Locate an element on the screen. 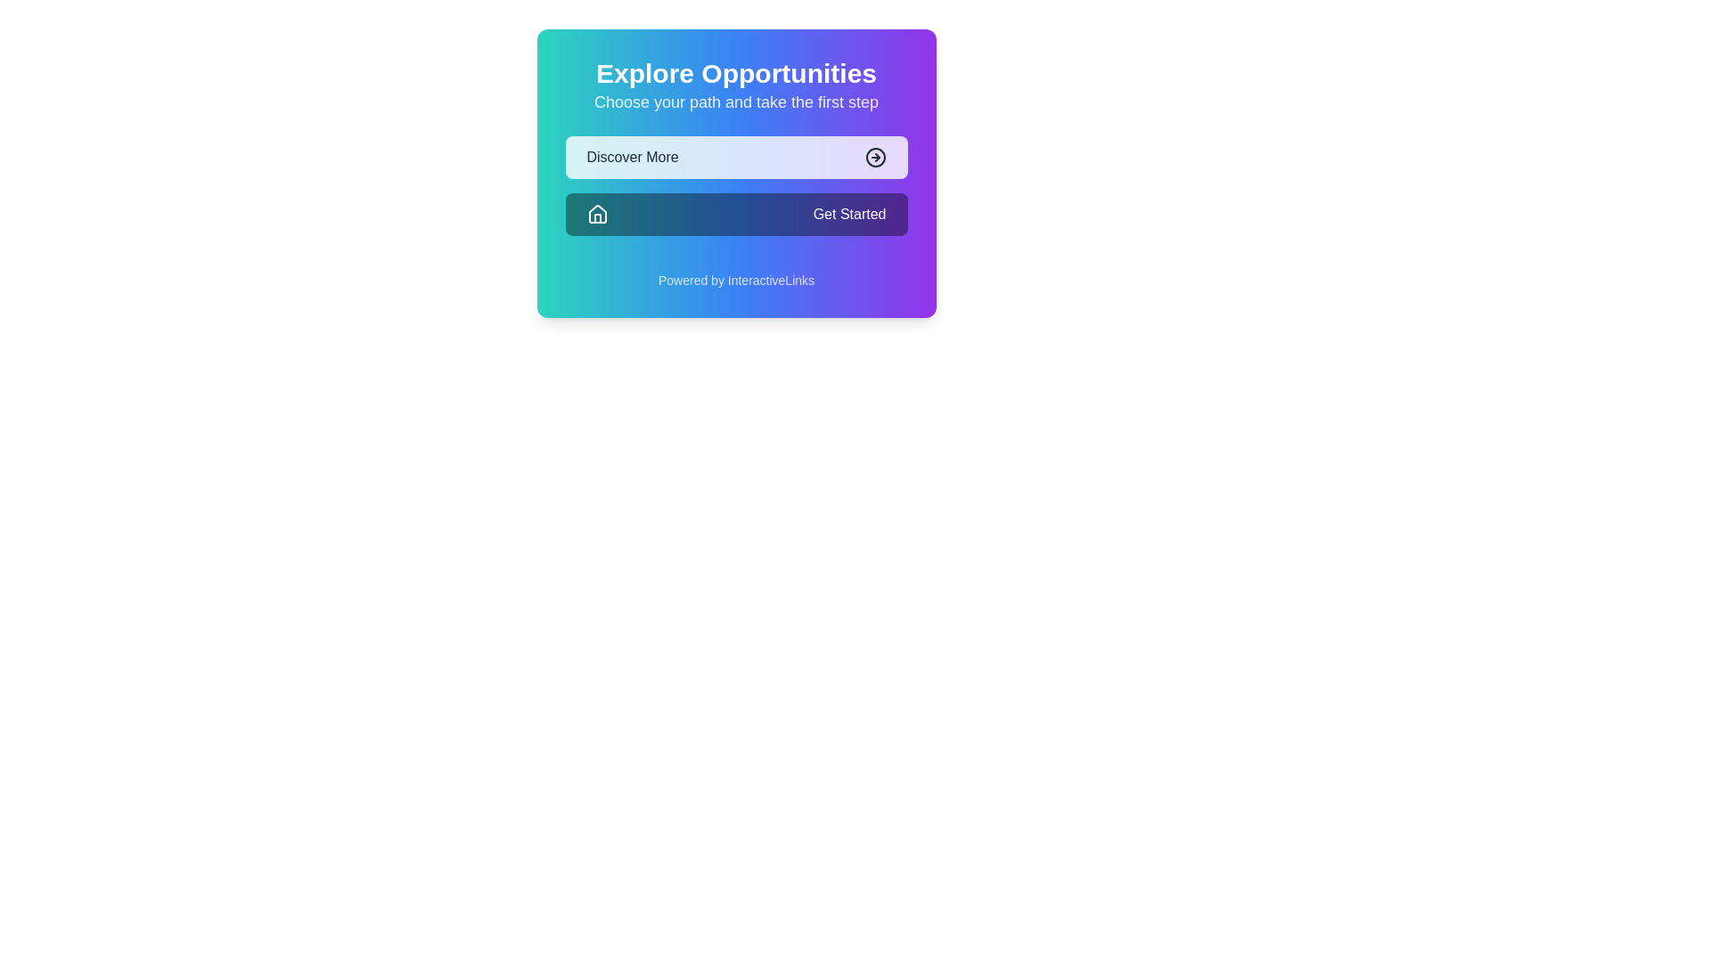  the navigation icon located at the right end of the 'Discover More' button is located at coordinates (875, 157).